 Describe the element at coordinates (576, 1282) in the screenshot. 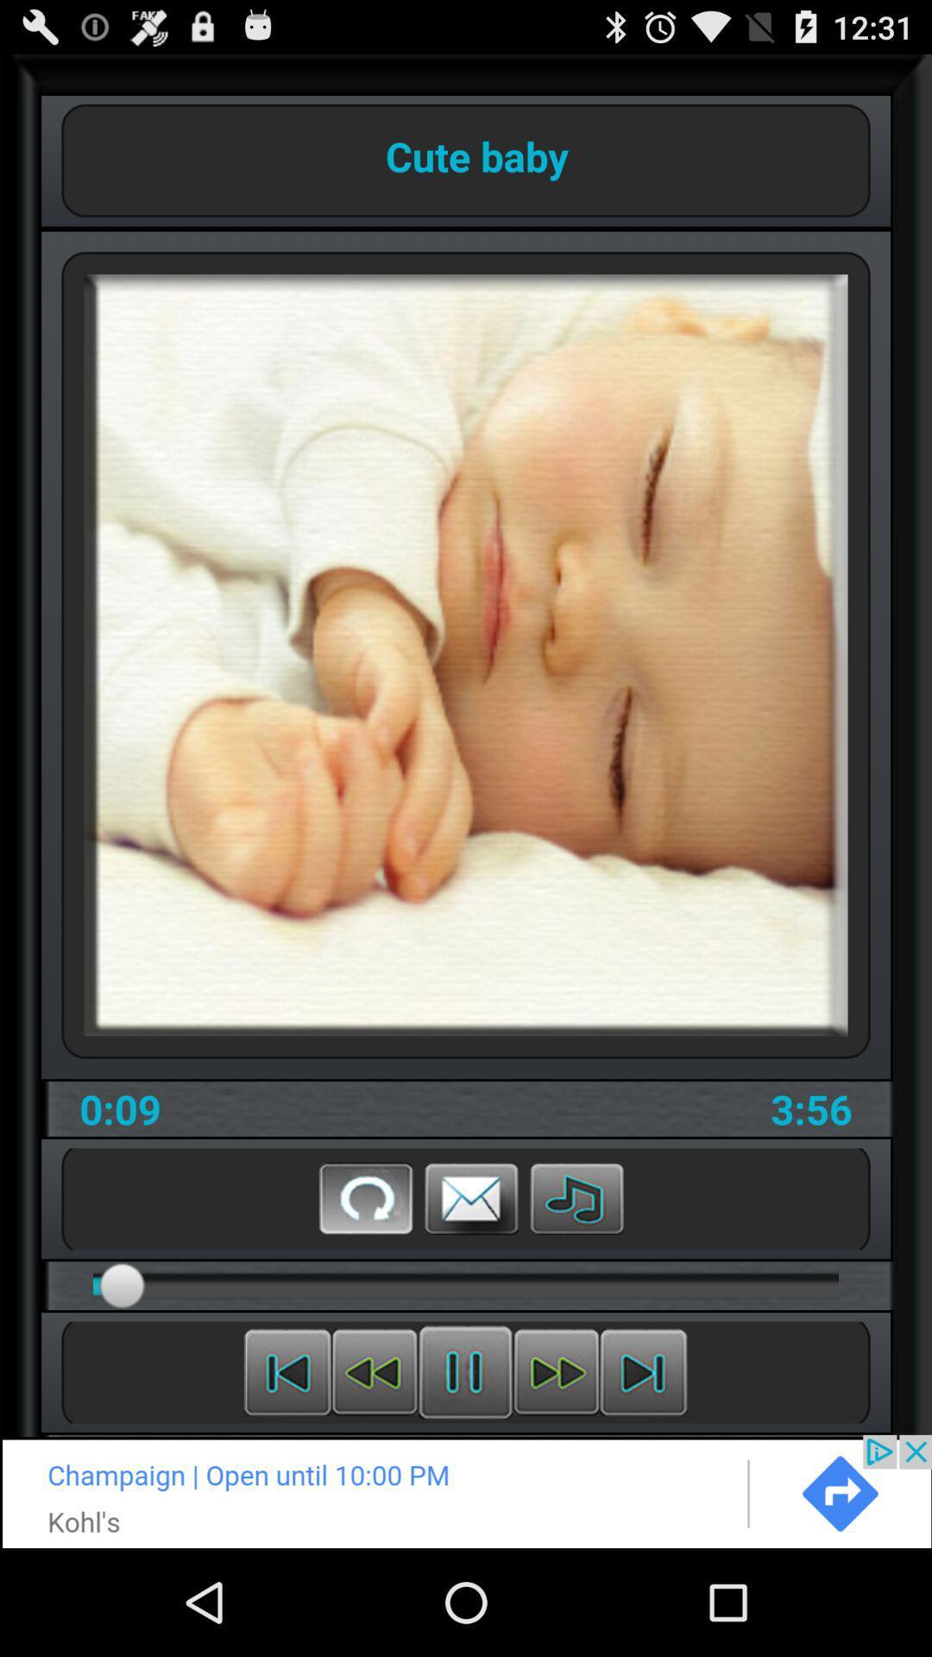

I see `the music icon` at that location.